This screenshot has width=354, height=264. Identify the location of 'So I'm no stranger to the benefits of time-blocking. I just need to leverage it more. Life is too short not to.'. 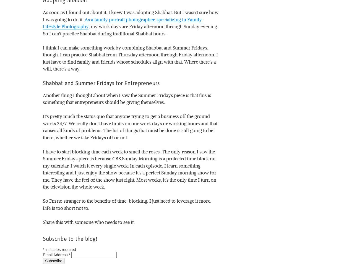
(43, 204).